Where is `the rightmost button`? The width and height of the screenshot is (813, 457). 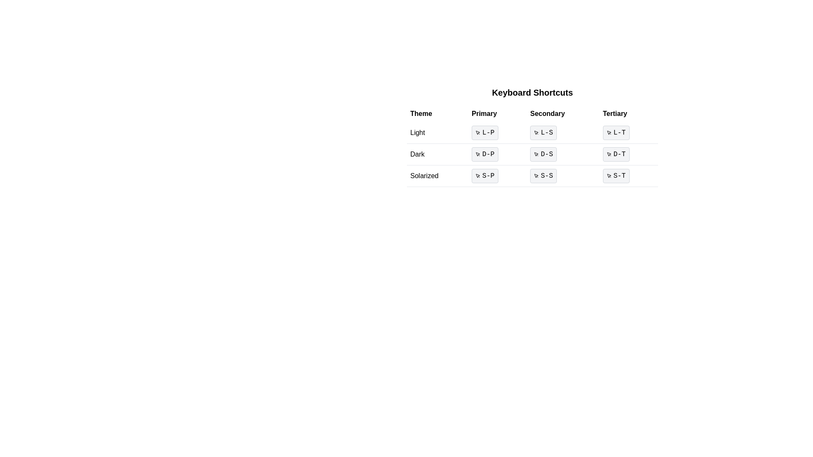
the rightmost button is located at coordinates (616, 176).